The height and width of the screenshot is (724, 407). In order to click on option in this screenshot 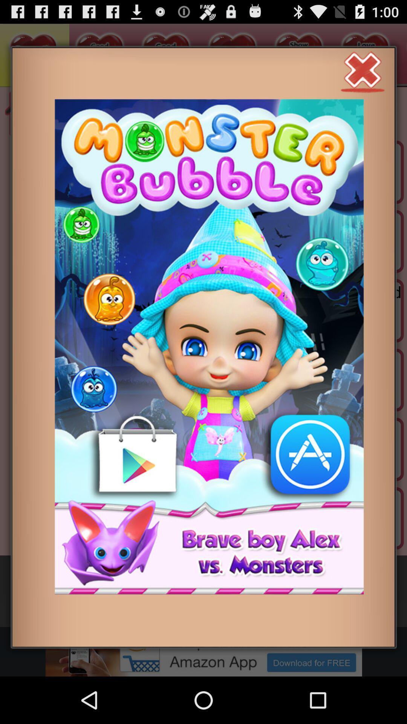, I will do `click(363, 71)`.